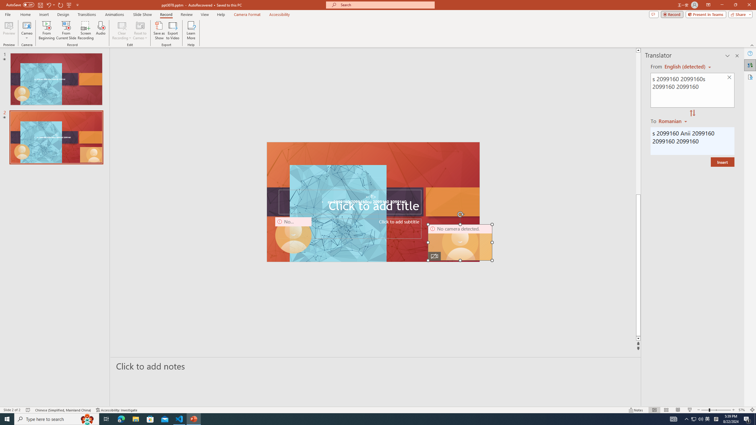 The width and height of the screenshot is (756, 425). Describe the element at coordinates (40, 4) in the screenshot. I see `'Save'` at that location.